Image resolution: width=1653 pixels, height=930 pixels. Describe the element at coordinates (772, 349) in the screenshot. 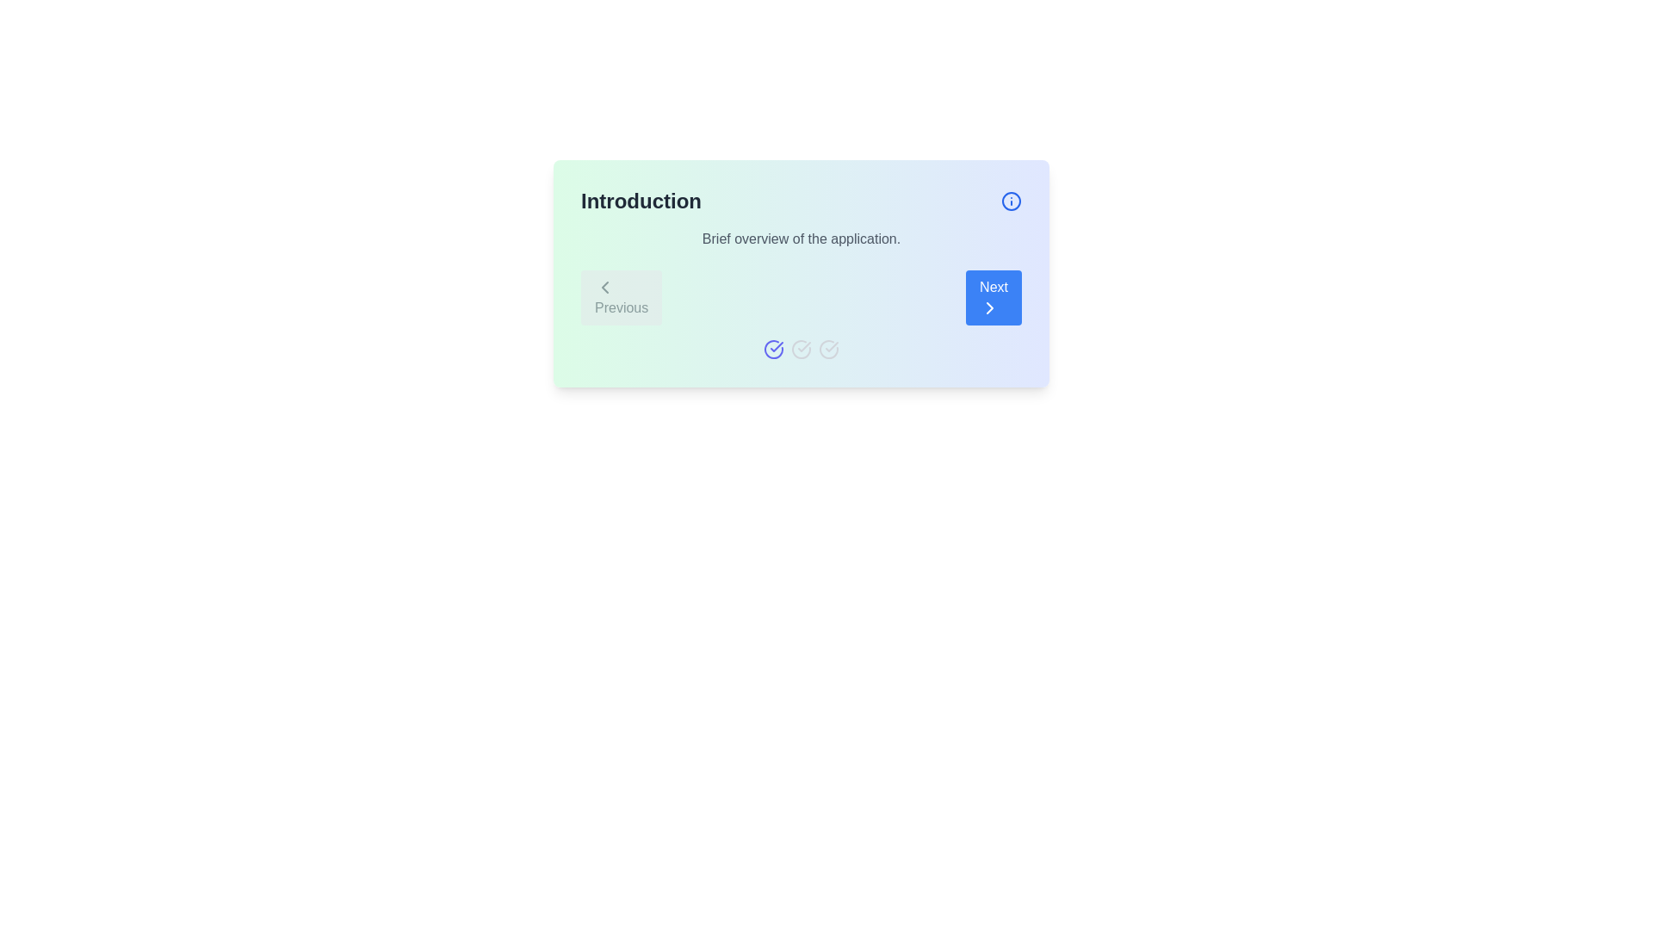

I see `the indigo check mark icon enclosed within a circle, which is the first in a row of three similar circular icons, to interact with it` at that location.